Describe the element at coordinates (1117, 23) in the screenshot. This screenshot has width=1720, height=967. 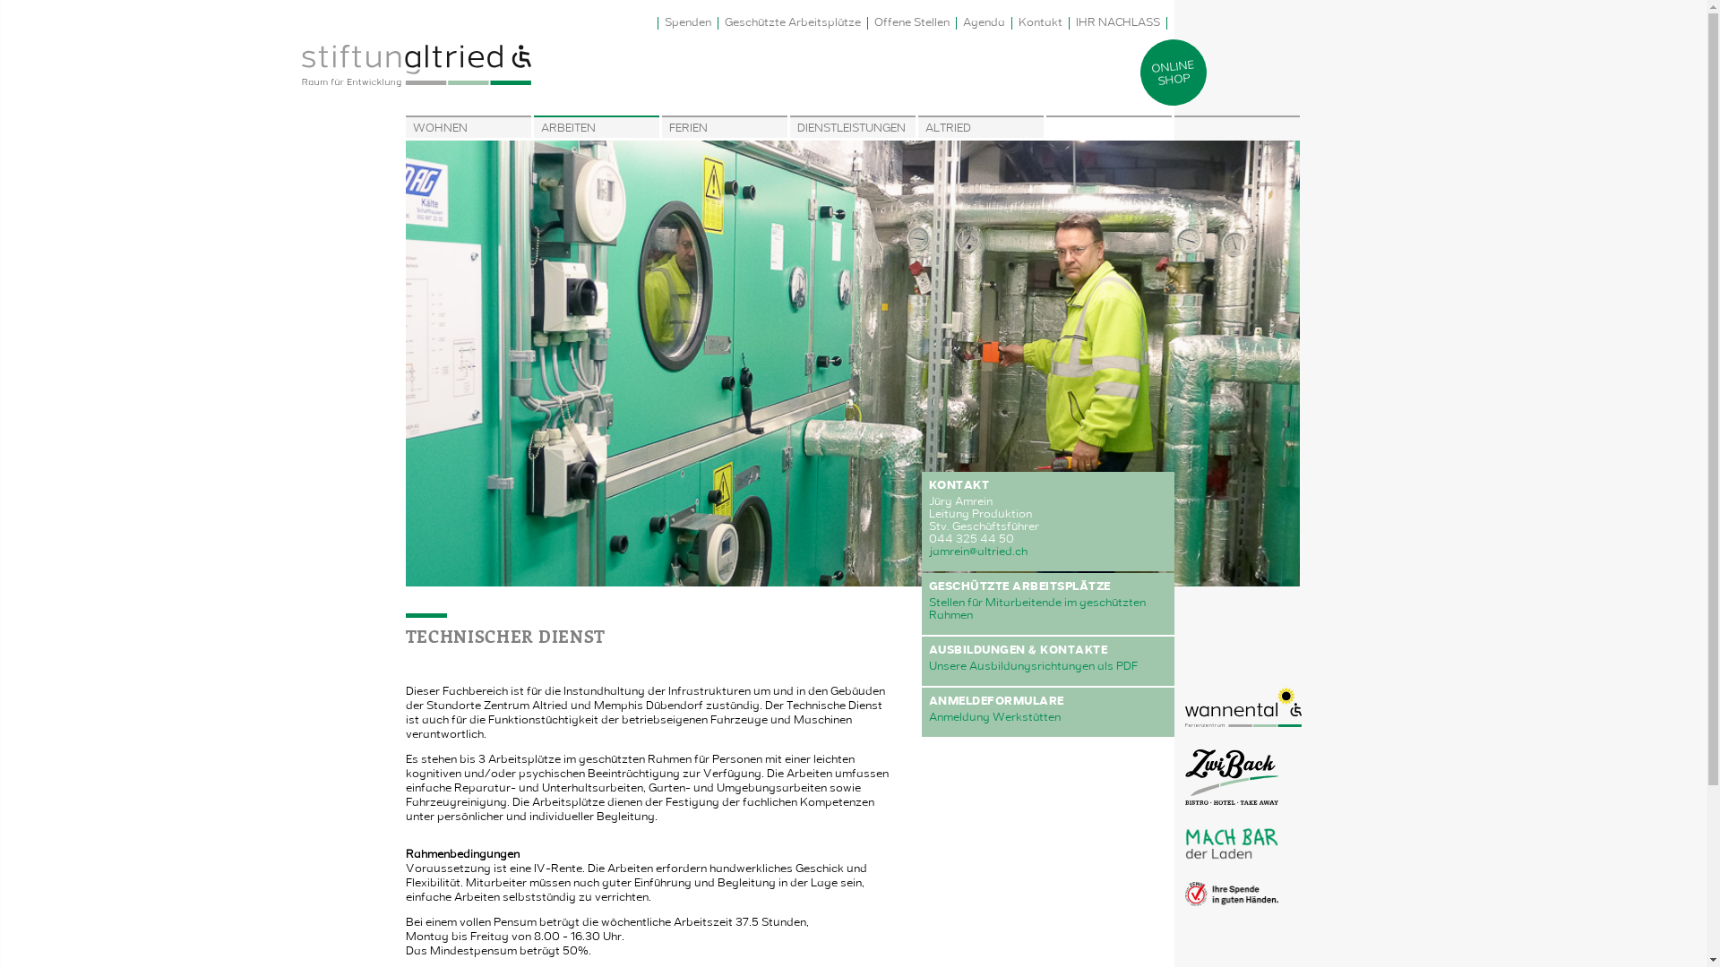
I see `'IHR NACHLASS'` at that location.